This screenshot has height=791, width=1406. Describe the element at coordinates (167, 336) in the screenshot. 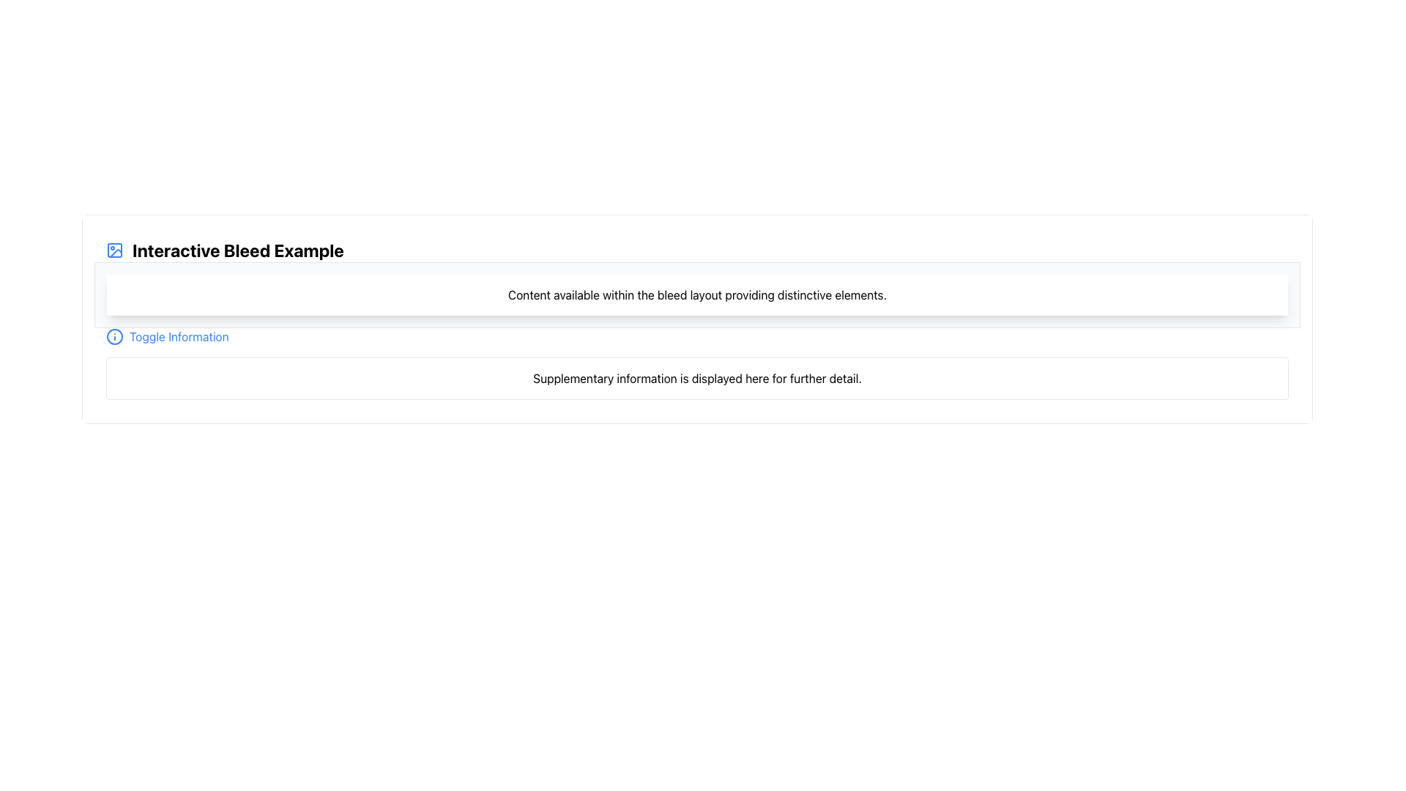

I see `the interactive button located below the 'Interactive Bleed Example' section` at that location.